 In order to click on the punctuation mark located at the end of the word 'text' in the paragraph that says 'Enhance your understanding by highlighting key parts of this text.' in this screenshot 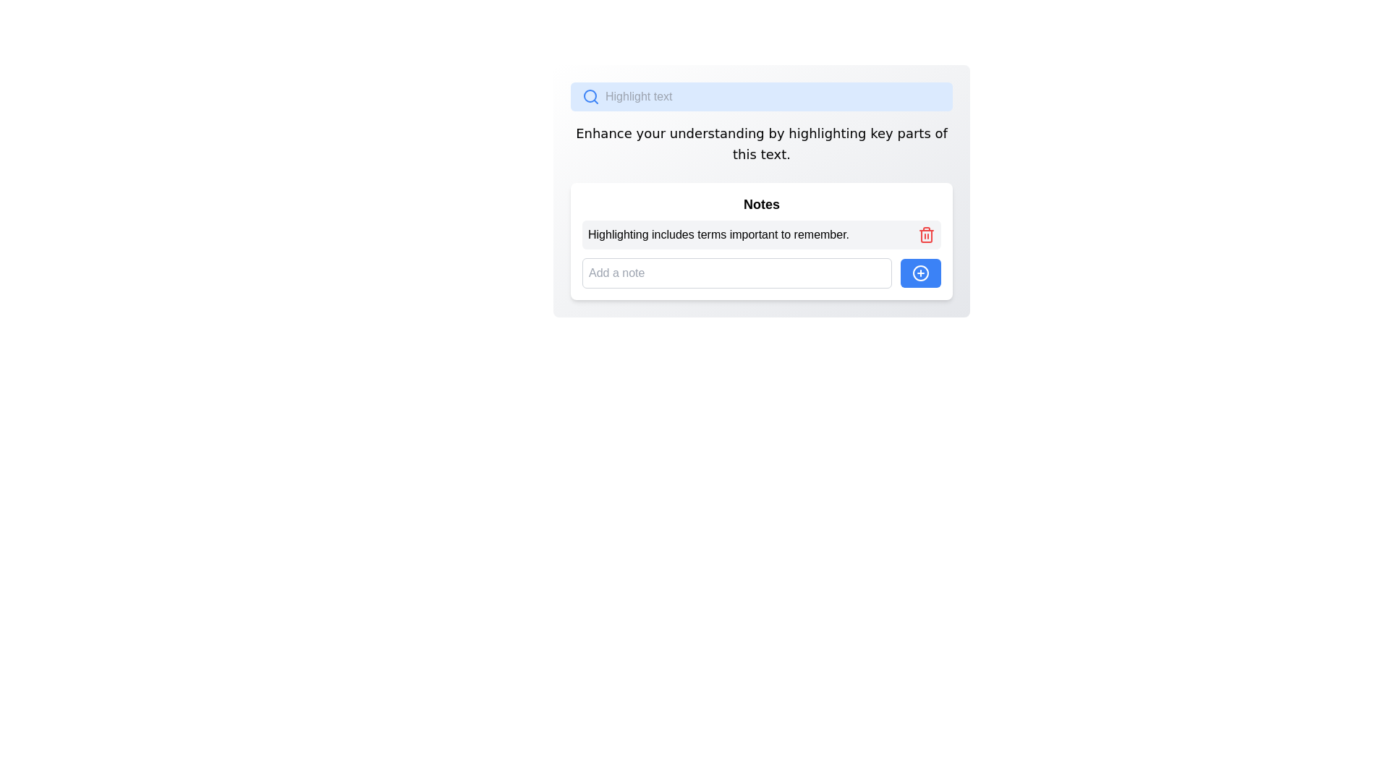, I will do `click(788, 154)`.